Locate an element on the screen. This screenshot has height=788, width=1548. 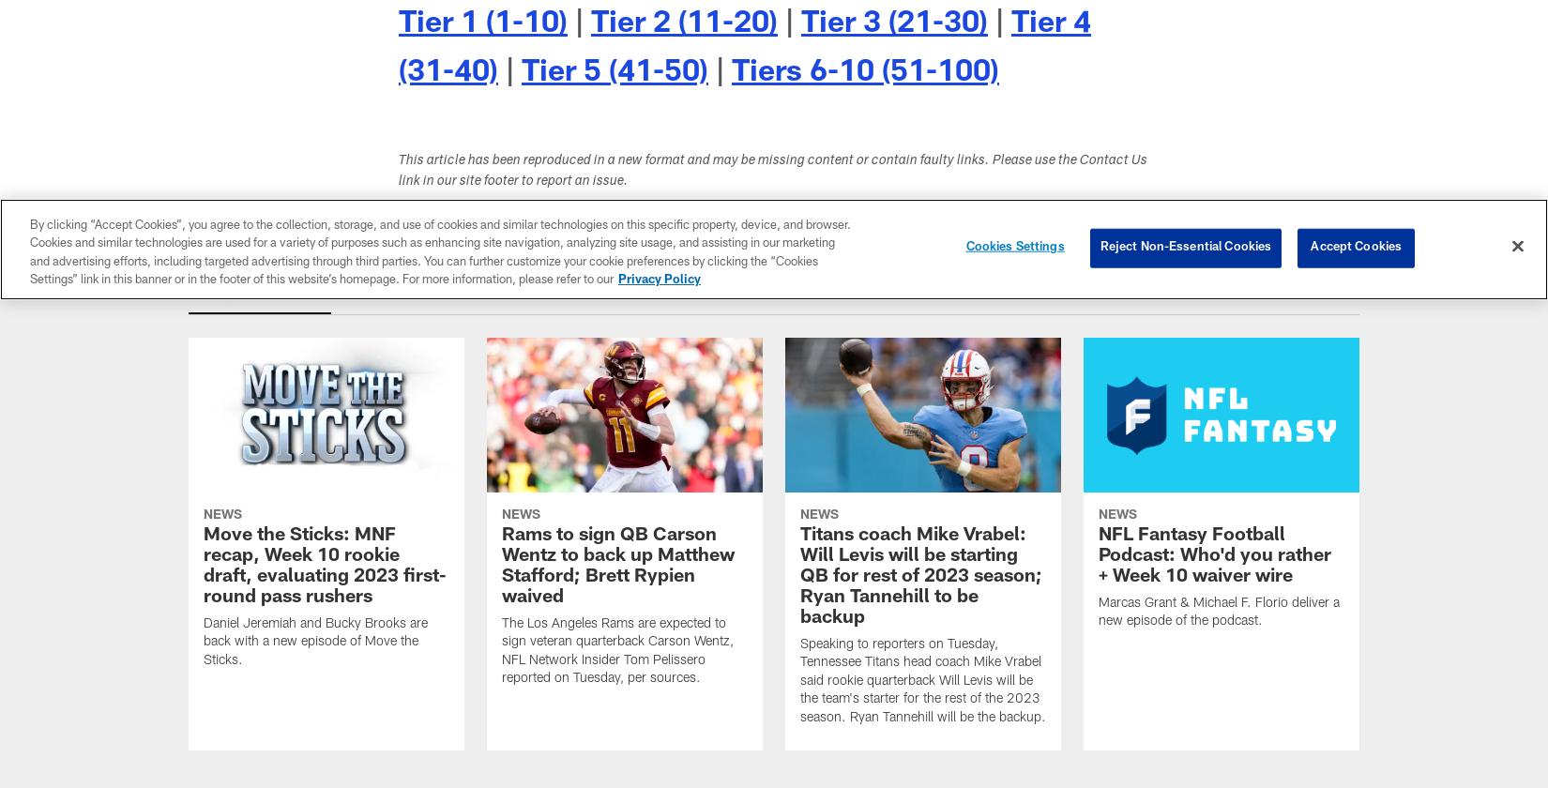
'Related Content' is located at coordinates (260, 295).